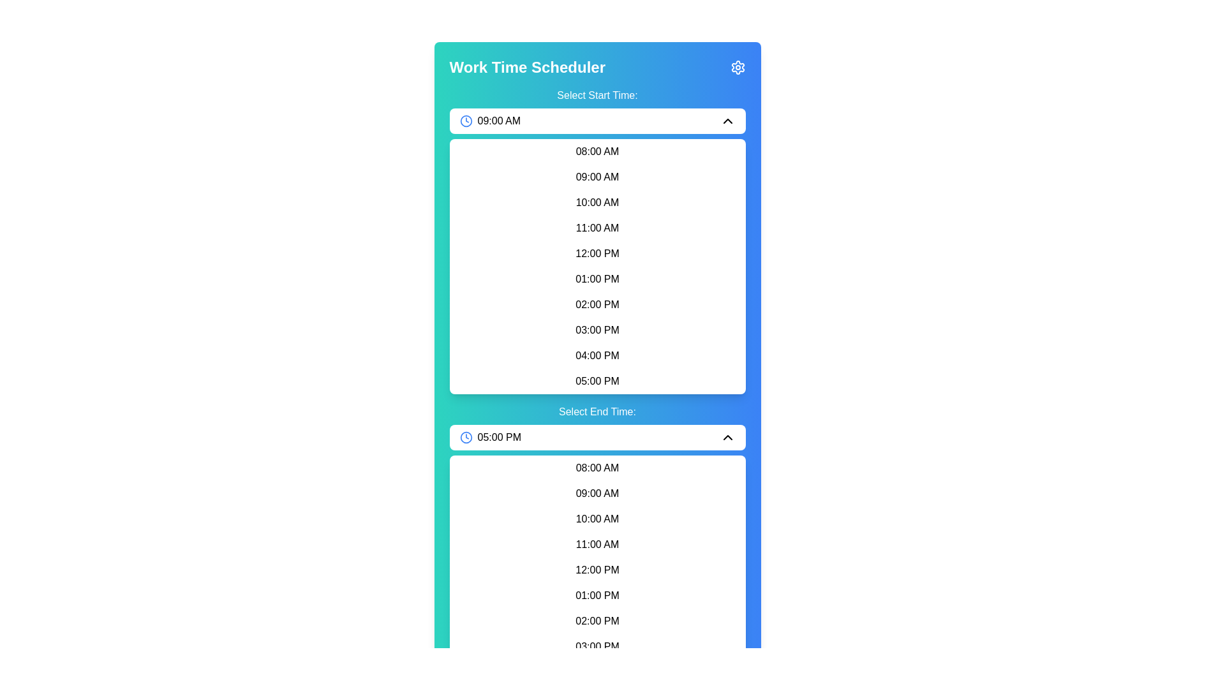 This screenshot has width=1225, height=689. What do you see at coordinates (597, 570) in the screenshot?
I see `the fifth time option '12:00 PM' in the dropdown list under 'Select End Time'` at bounding box center [597, 570].